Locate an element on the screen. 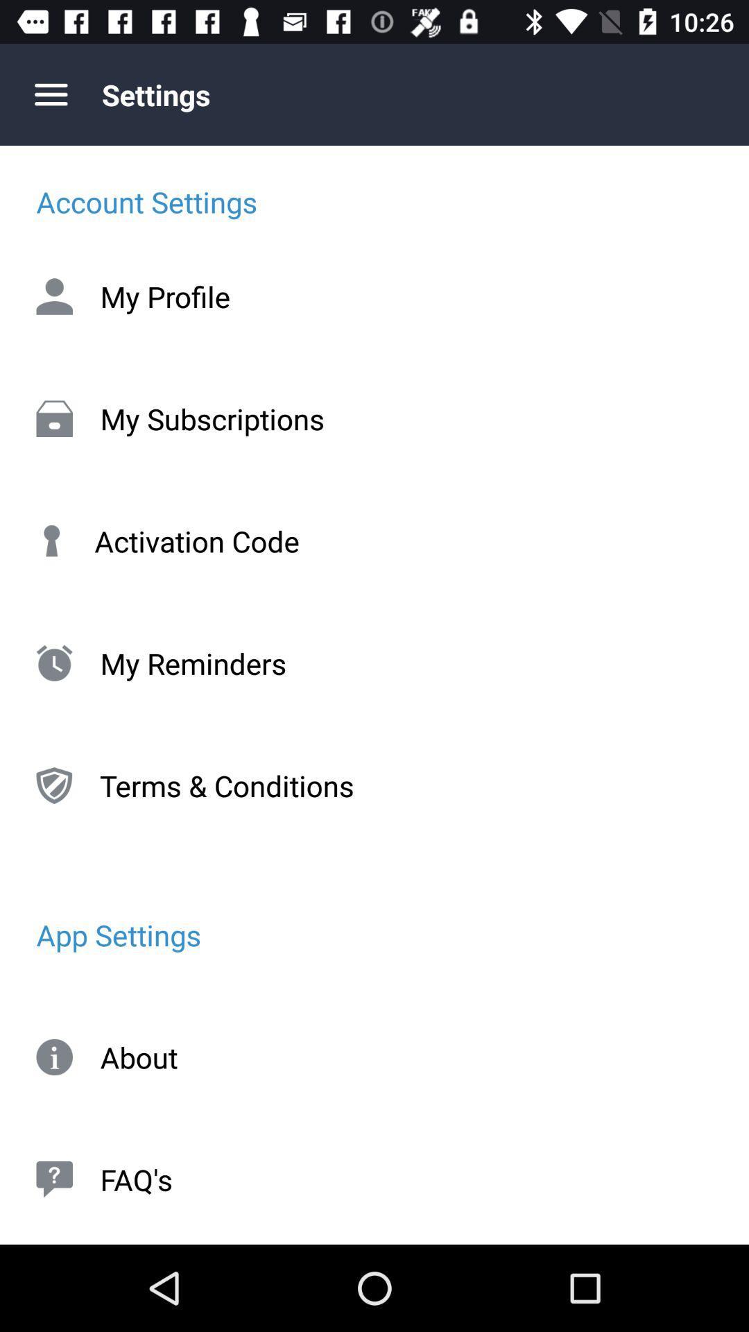  item above the account settings item is located at coordinates (50, 94).